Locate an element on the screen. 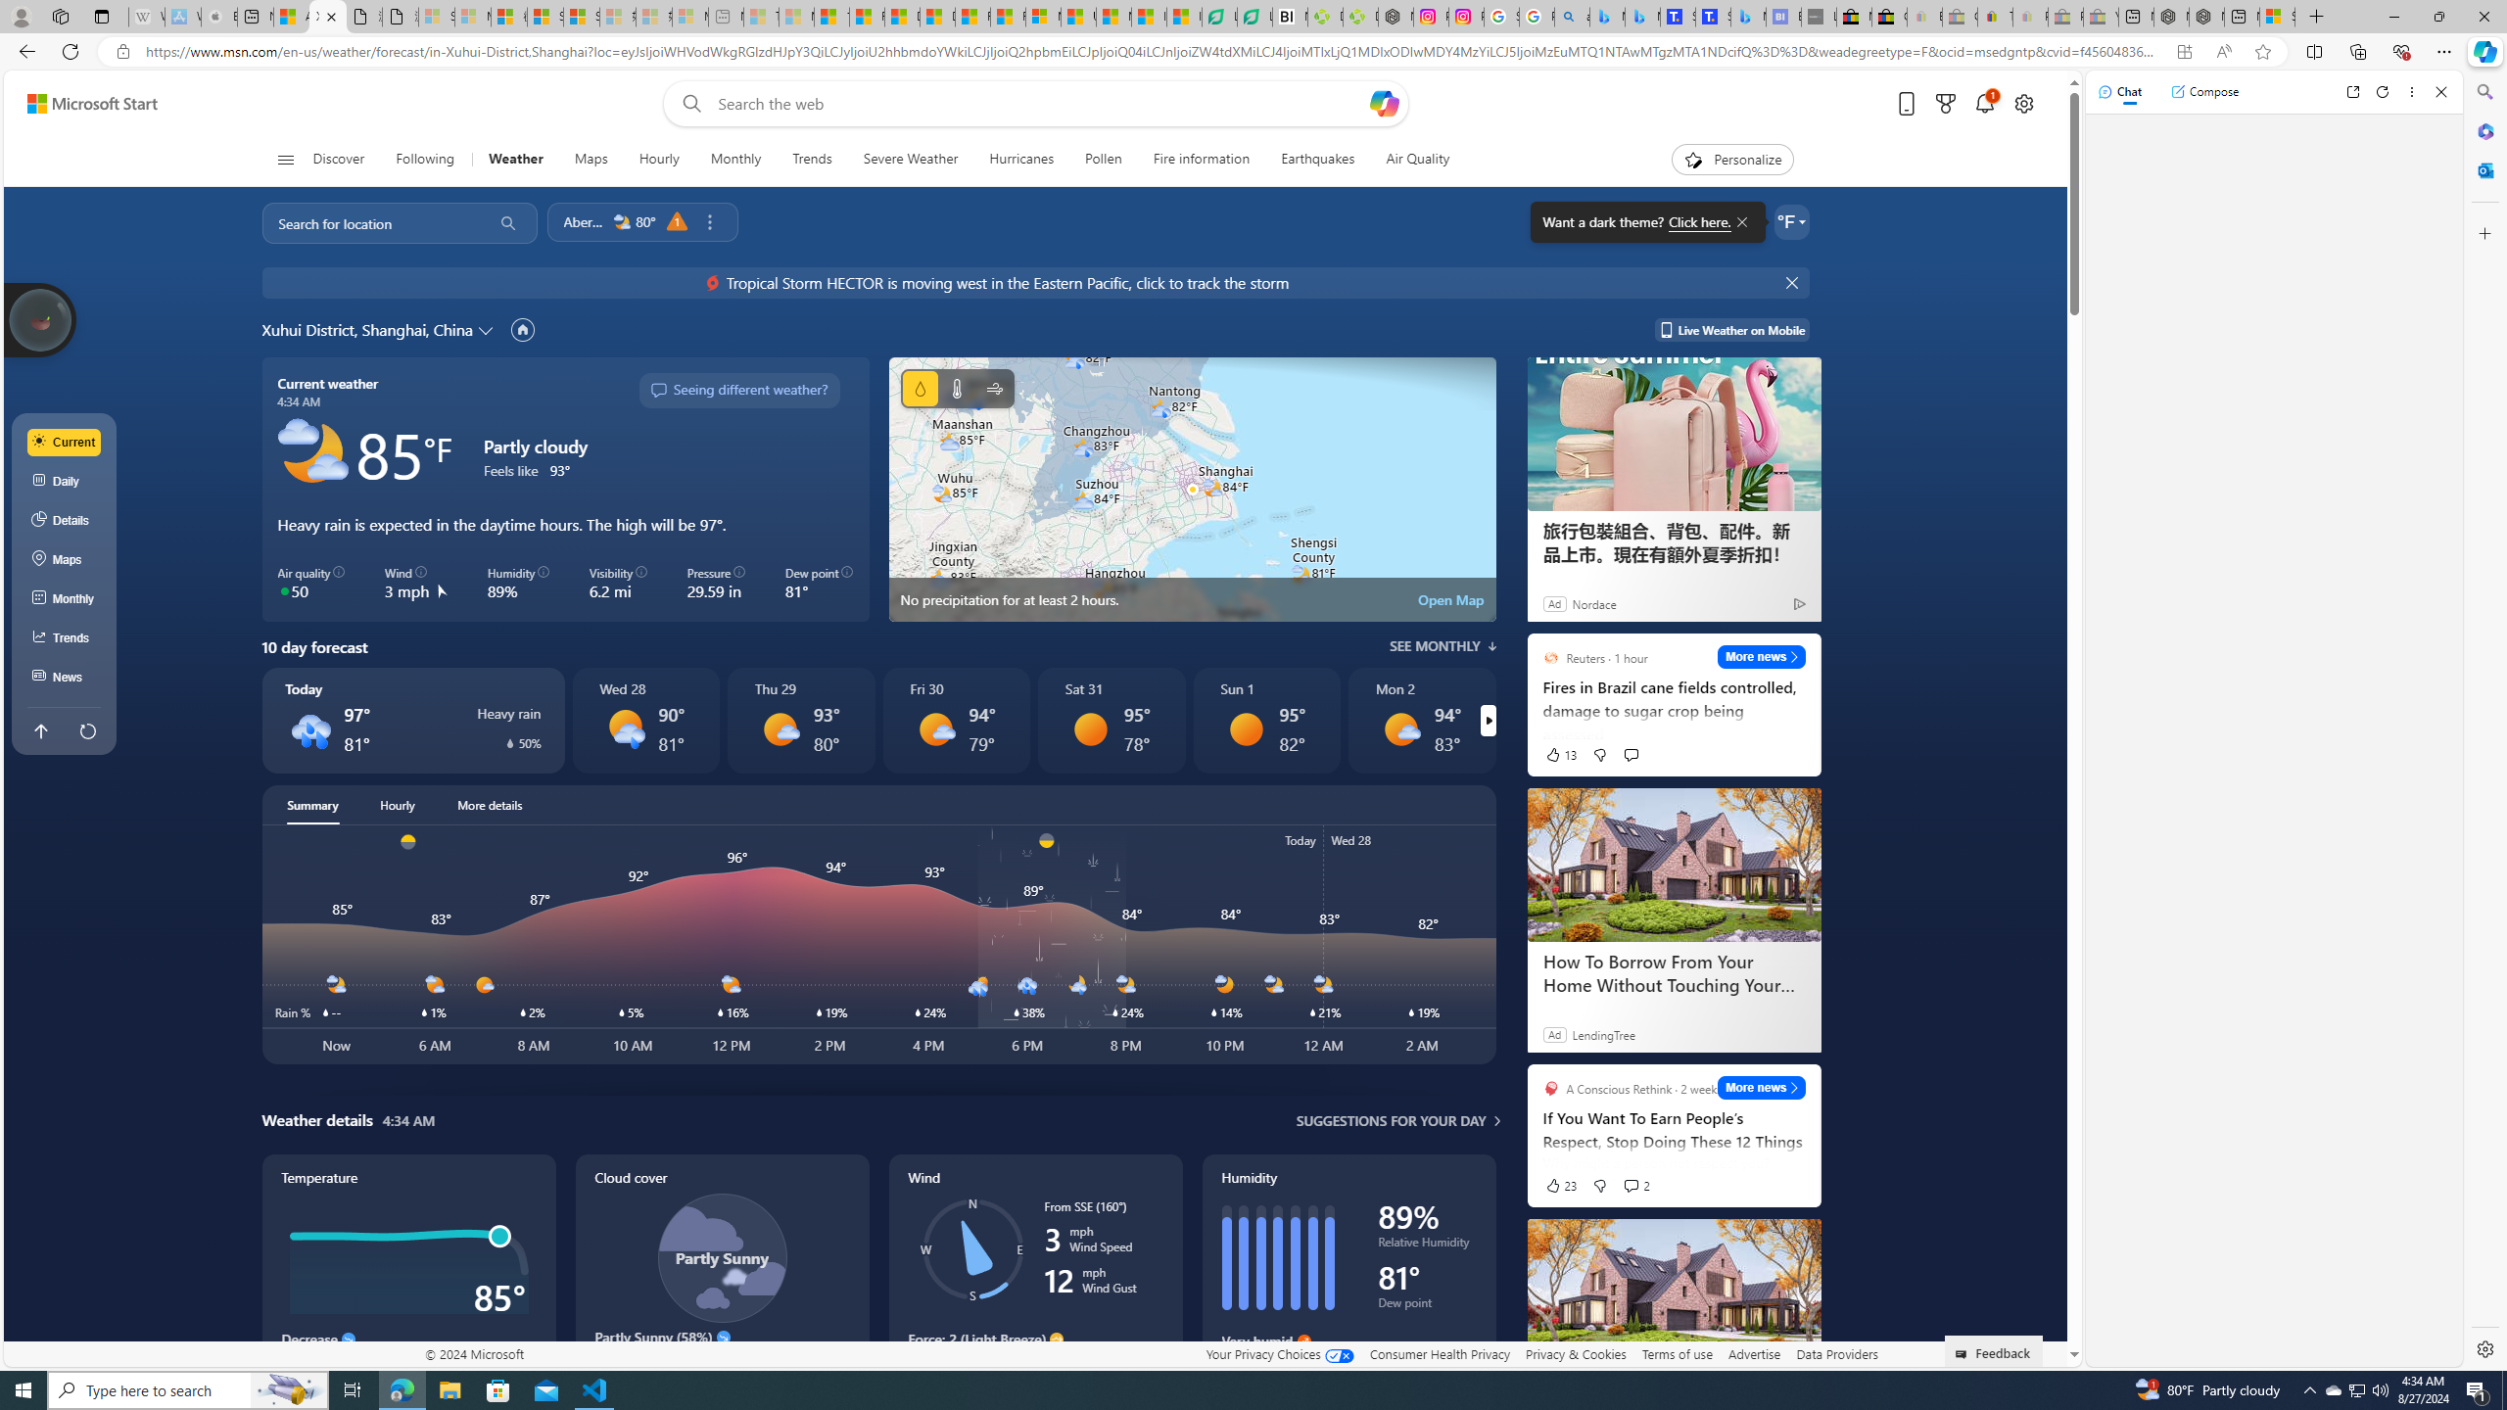  'Nvidia va a poner a prueba la paciencia de los inversores' is located at coordinates (1289, 16).